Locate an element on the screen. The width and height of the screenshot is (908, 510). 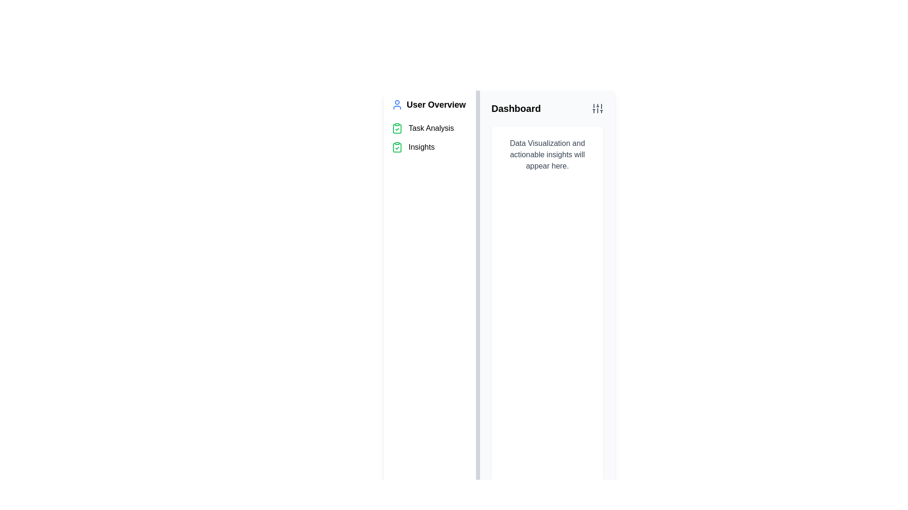
the 'User Overview' text label located in the sidebar navigation layout, positioned to the right of a blue user icon and above the green tick icons for 'Task Analysis' and 'Insights' is located at coordinates (436, 105).